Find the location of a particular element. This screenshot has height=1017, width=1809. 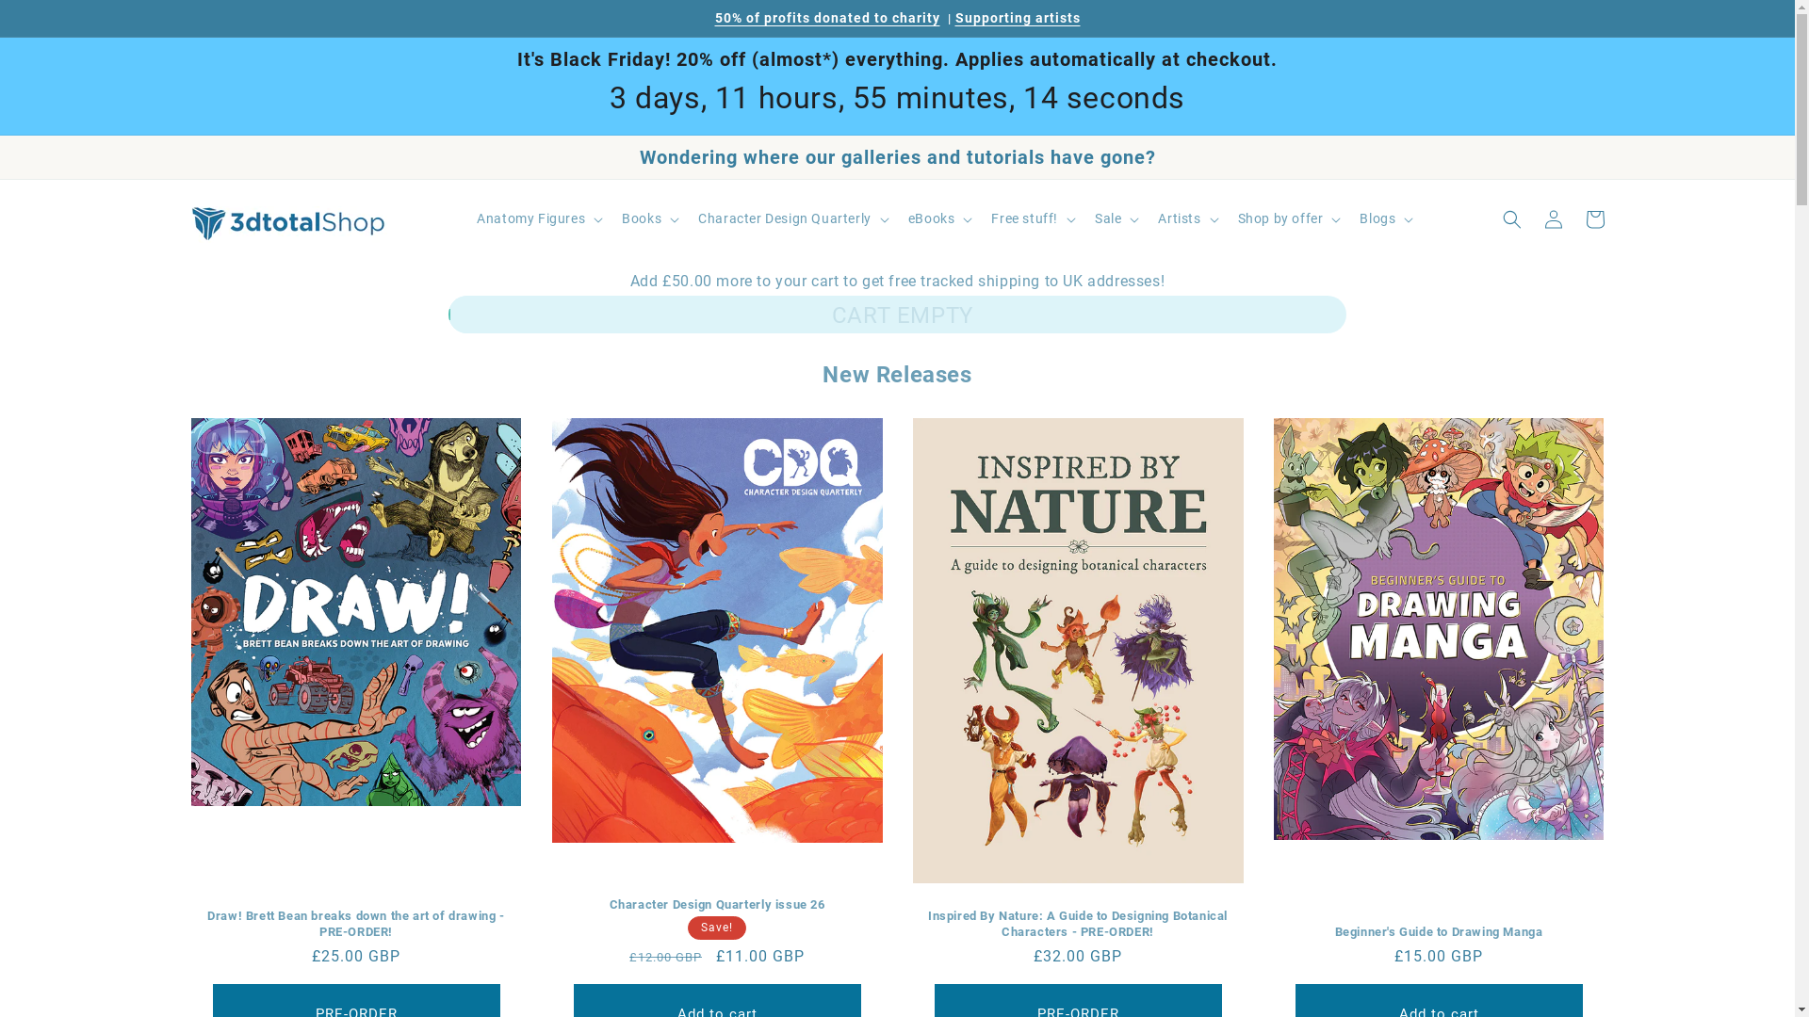

'Draw! Brett Bean breaks down the art of drawing - PRE-ORDER!' is located at coordinates (355, 924).